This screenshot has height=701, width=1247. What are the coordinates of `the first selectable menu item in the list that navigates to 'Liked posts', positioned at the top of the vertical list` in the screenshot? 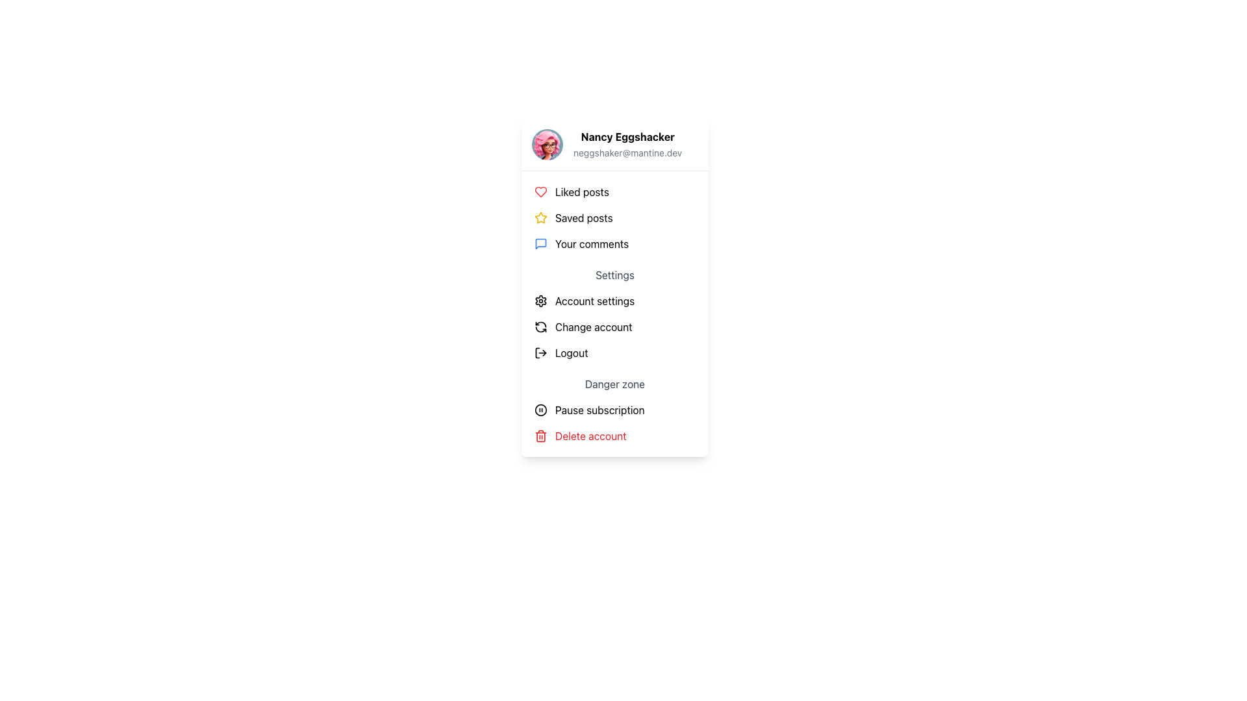 It's located at (614, 192).